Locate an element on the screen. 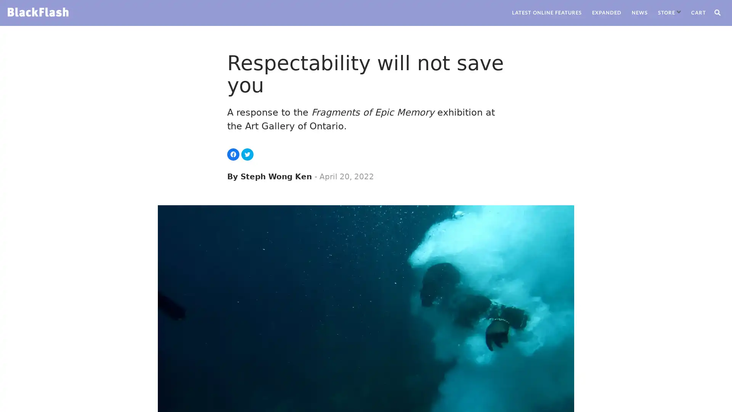 This screenshot has width=732, height=412. open menu is located at coordinates (679, 12).